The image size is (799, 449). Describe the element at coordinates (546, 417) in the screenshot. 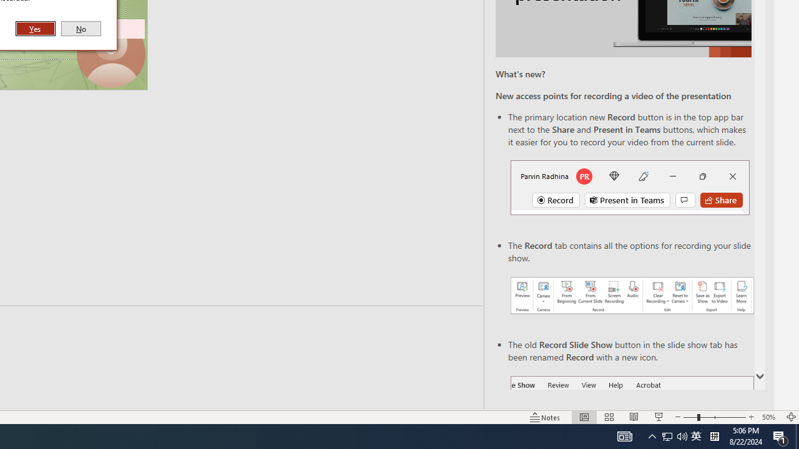

I see `'Notes '` at that location.